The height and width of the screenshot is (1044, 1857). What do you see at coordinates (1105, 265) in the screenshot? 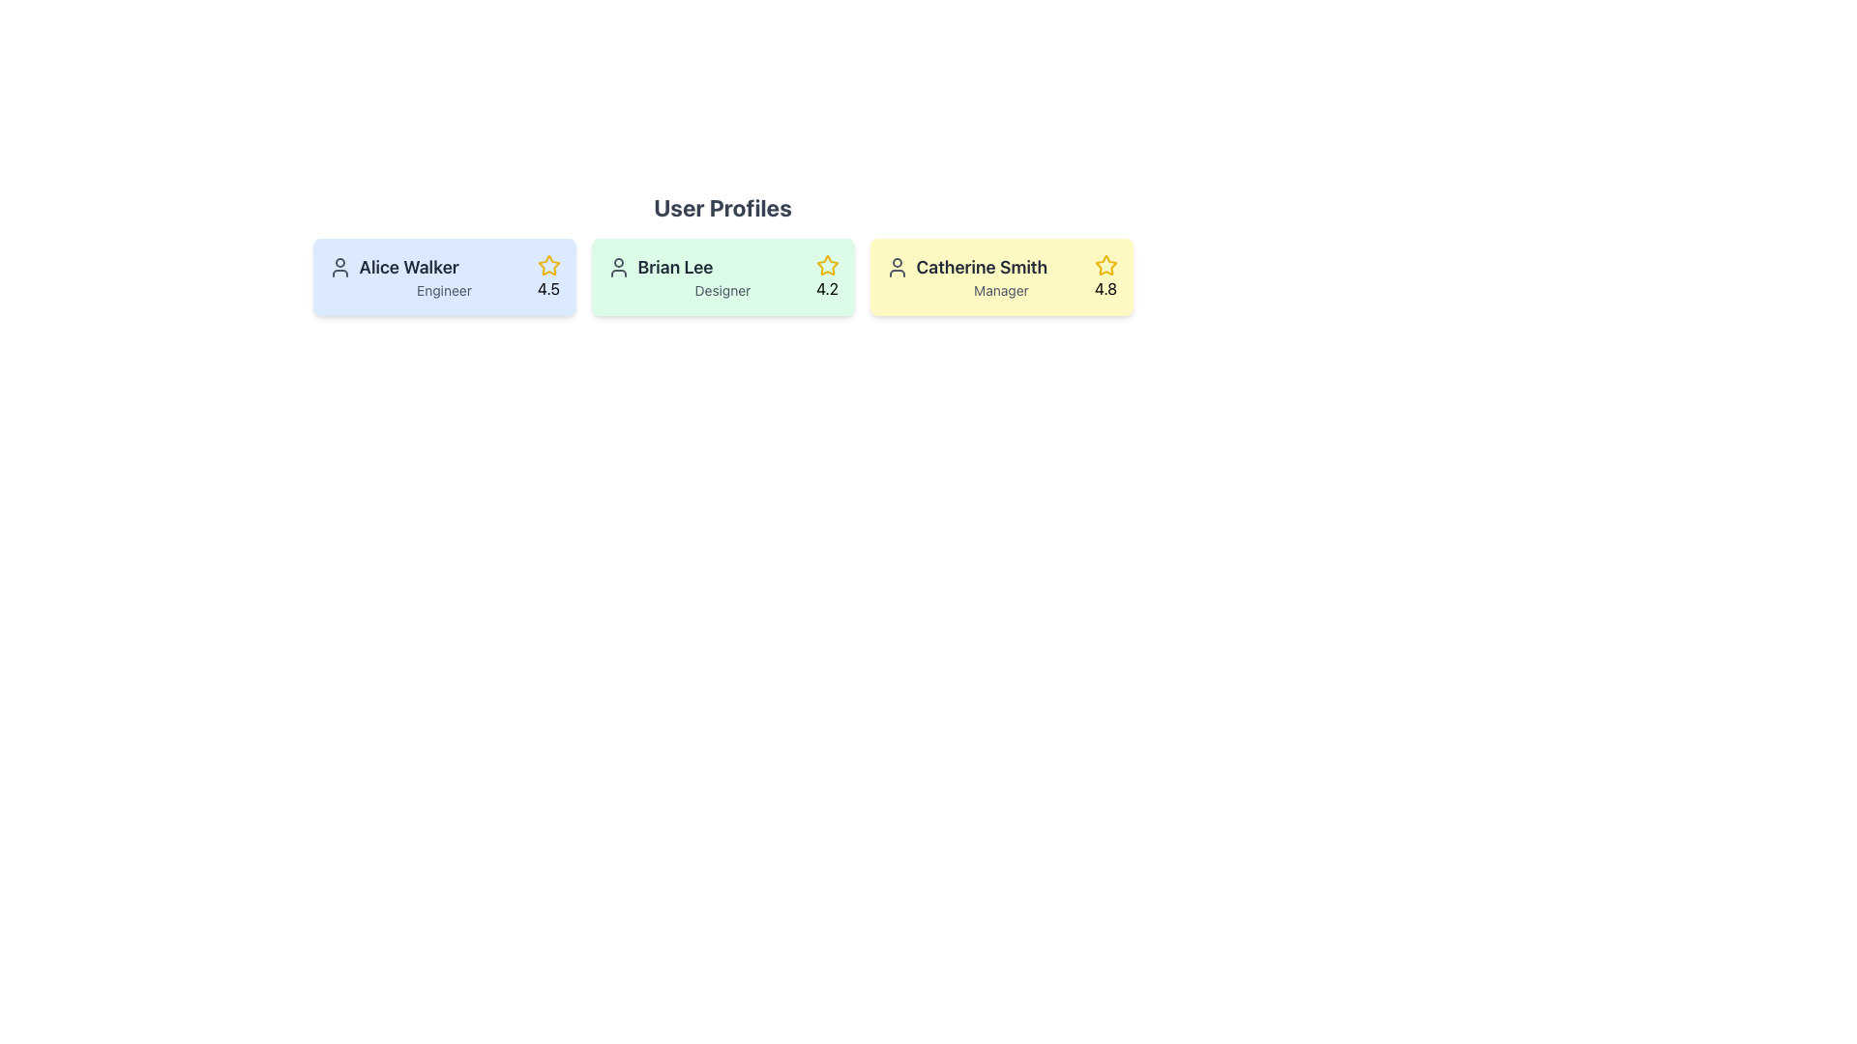
I see `the yellow star icon located to the left of the rating '4.8' in the upper-right corner of the third profile card` at bounding box center [1105, 265].